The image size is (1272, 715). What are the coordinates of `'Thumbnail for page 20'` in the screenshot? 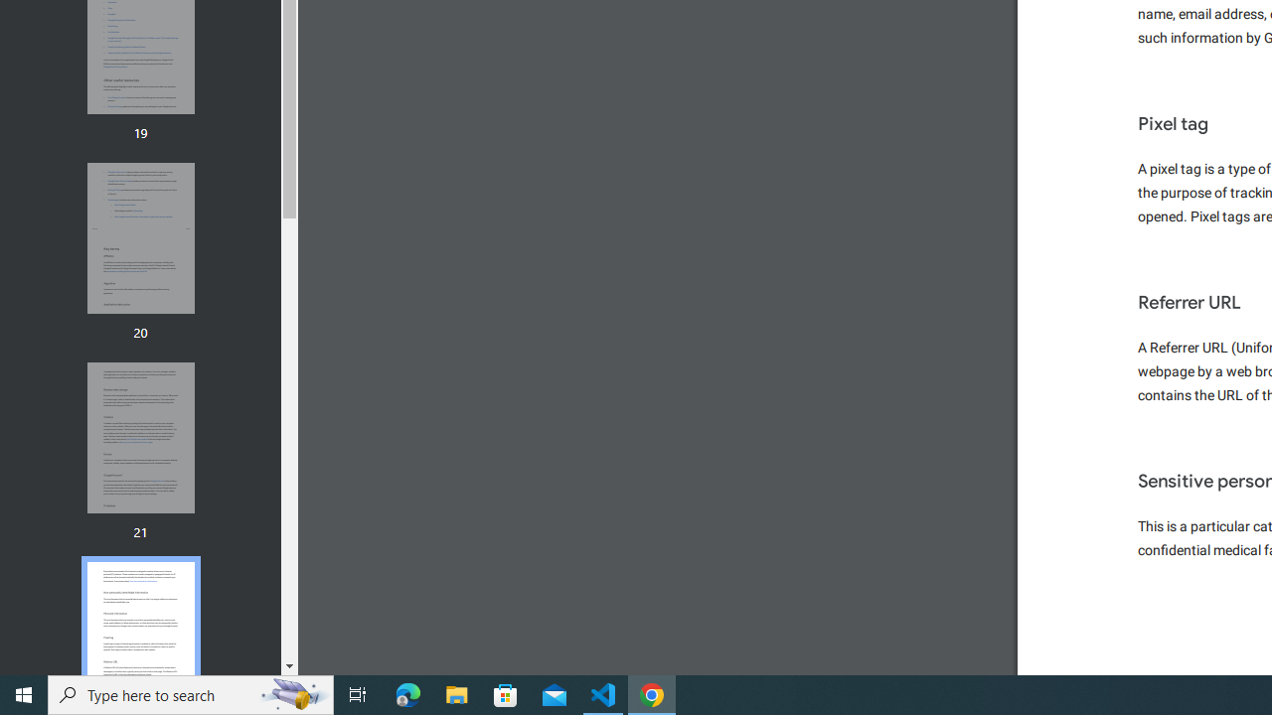 It's located at (139, 237).